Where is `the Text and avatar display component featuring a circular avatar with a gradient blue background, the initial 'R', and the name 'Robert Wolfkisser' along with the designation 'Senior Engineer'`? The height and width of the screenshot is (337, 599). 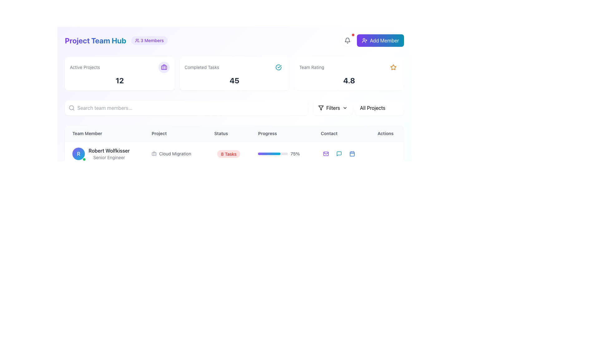
the Text and avatar display component featuring a circular avatar with a gradient blue background, the initial 'R', and the name 'Robert Wolfkisser' along with the designation 'Senior Engineer' is located at coordinates (105, 154).